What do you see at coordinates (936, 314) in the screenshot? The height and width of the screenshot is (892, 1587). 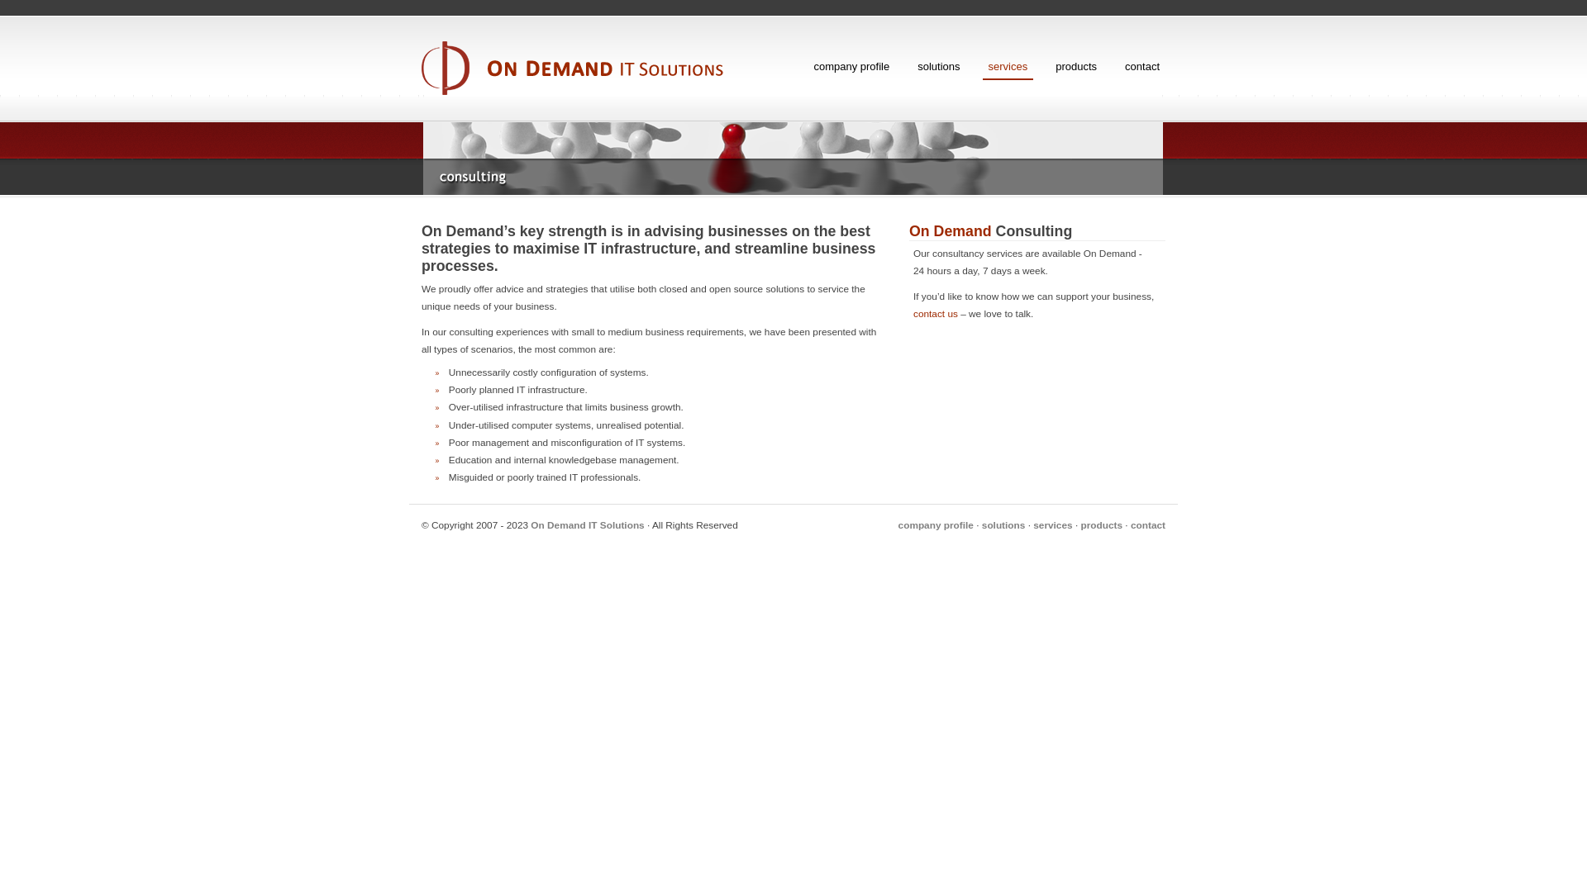 I see `'contact us'` at bounding box center [936, 314].